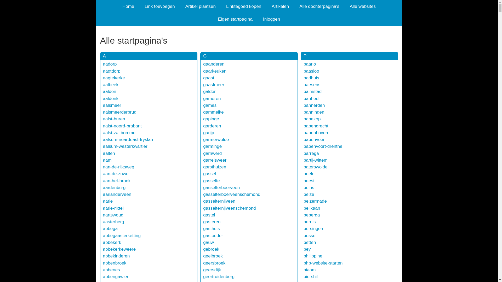 The width and height of the screenshot is (502, 282). What do you see at coordinates (304, 119) in the screenshot?
I see `'papekop'` at bounding box center [304, 119].